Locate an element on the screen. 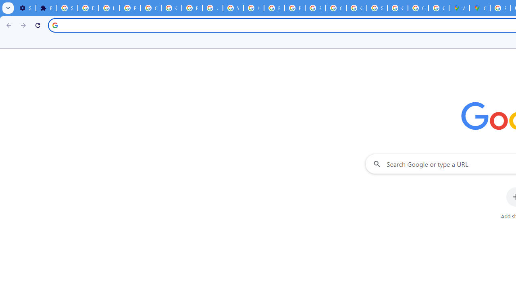 The image size is (516, 290). 'Learn how to find your photos - Google Photos Help' is located at coordinates (108, 8).